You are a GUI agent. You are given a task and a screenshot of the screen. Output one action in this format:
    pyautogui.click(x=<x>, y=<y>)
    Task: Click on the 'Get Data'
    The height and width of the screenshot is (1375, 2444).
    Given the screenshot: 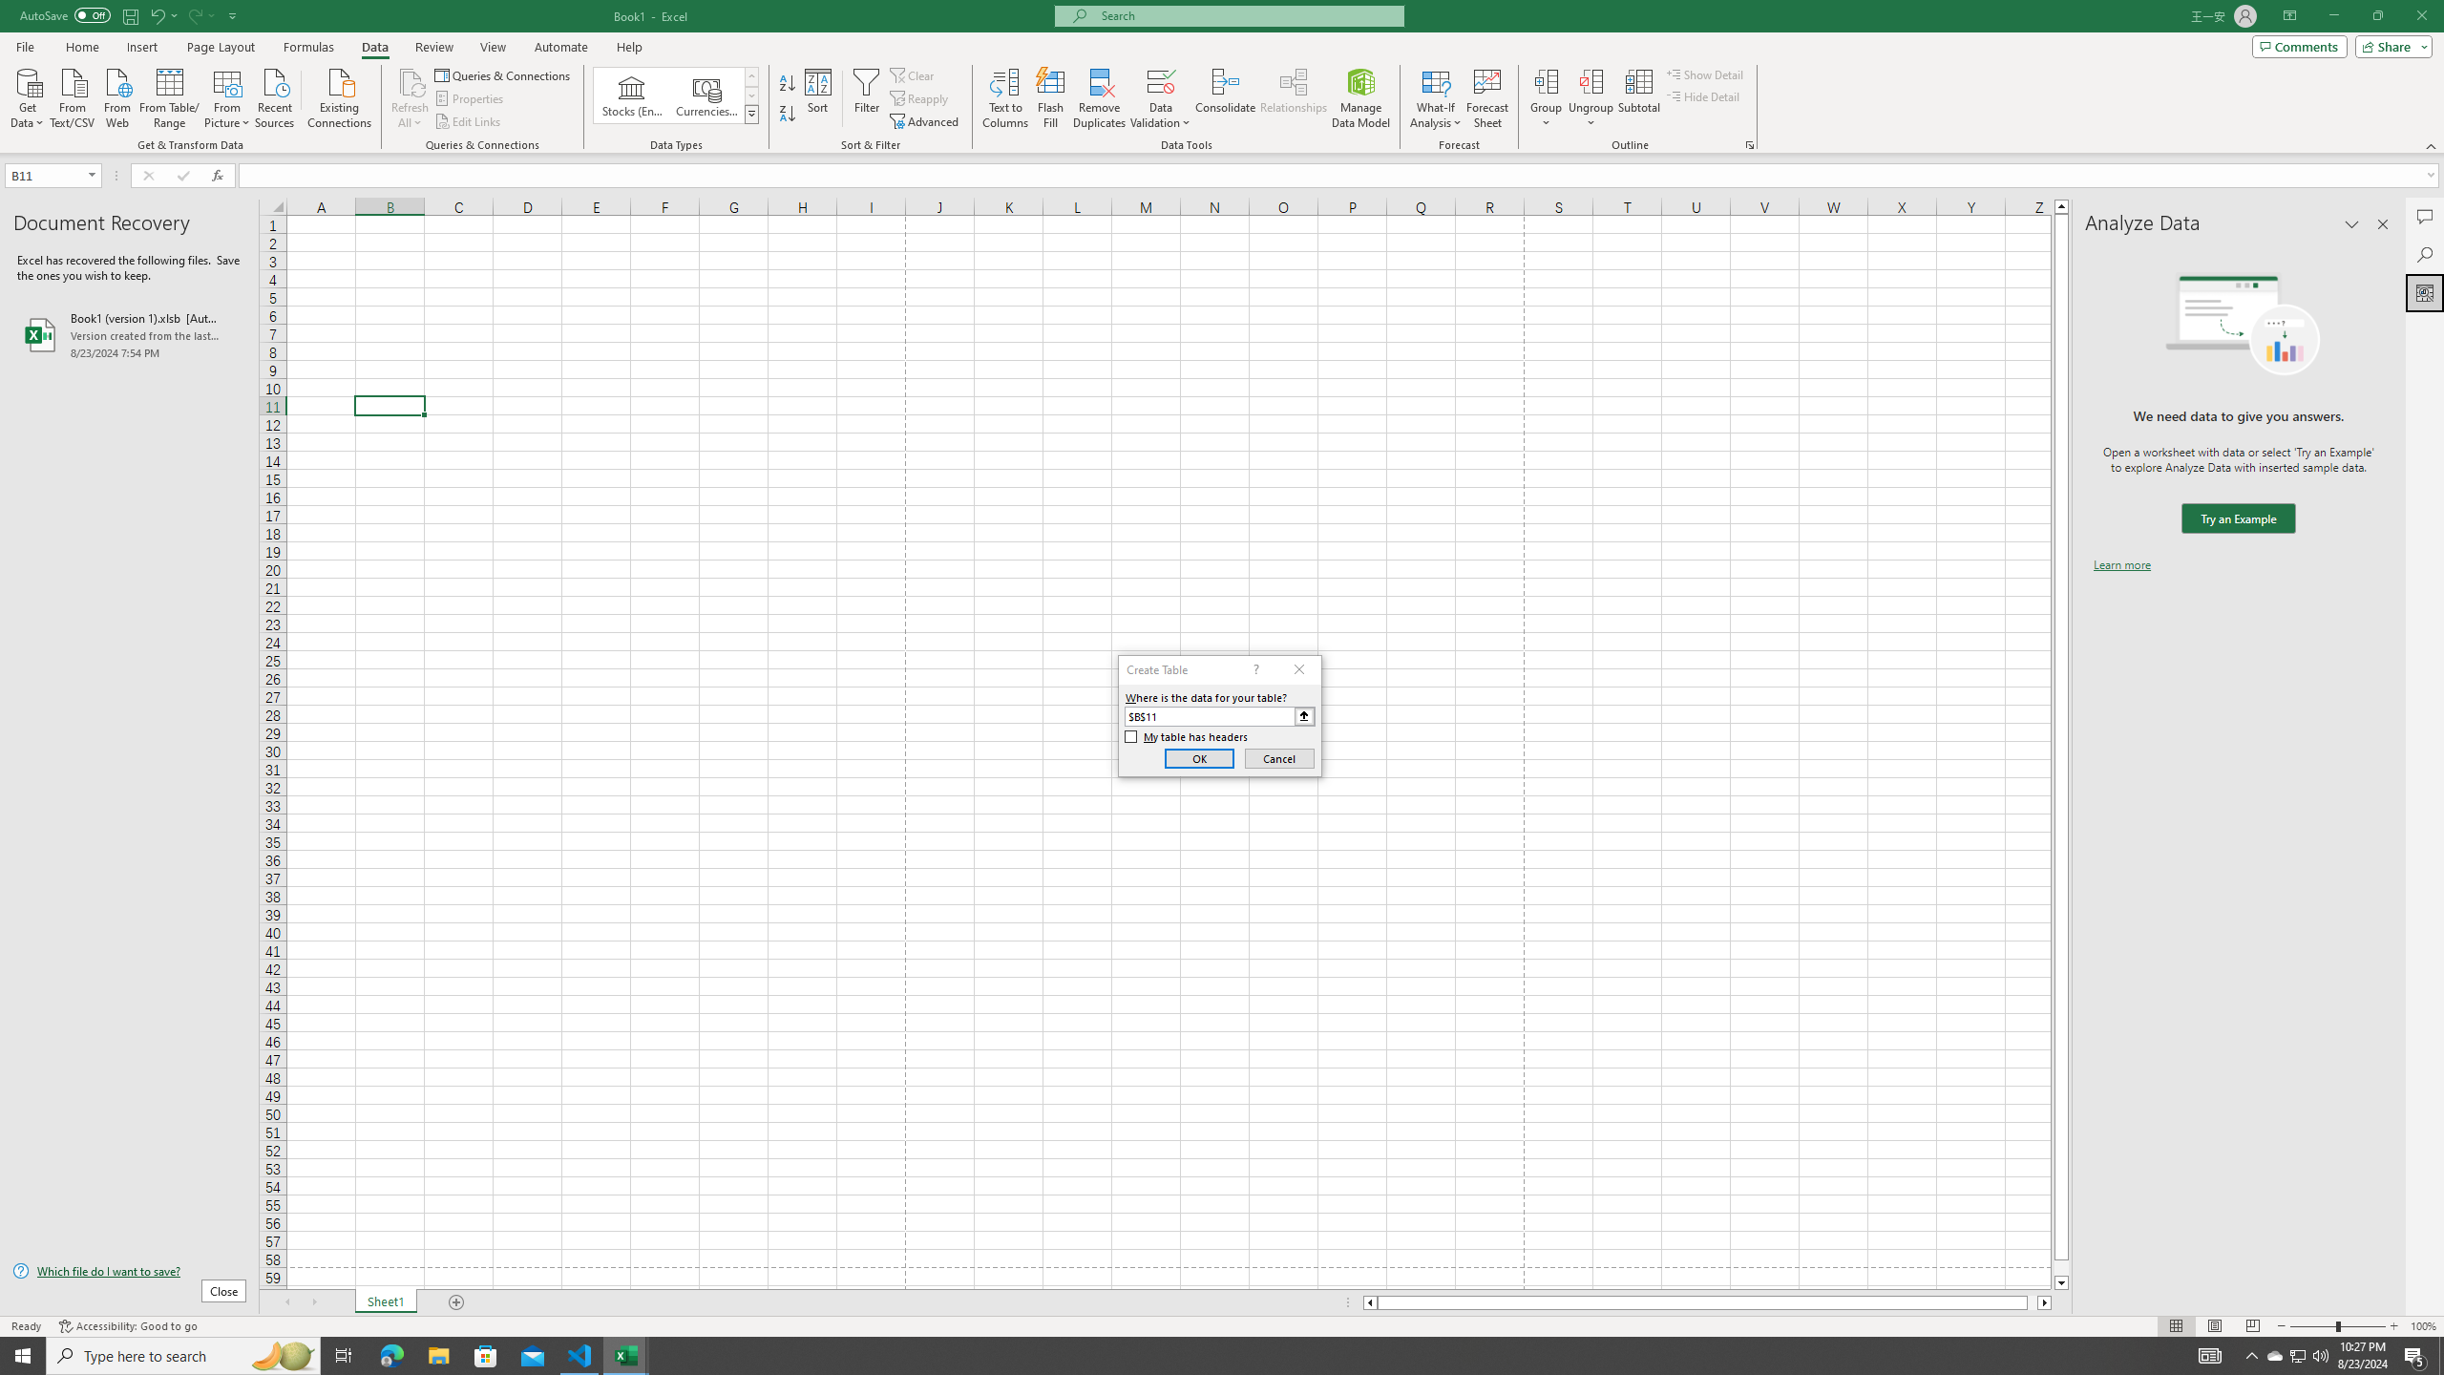 What is the action you would take?
    pyautogui.click(x=27, y=95)
    